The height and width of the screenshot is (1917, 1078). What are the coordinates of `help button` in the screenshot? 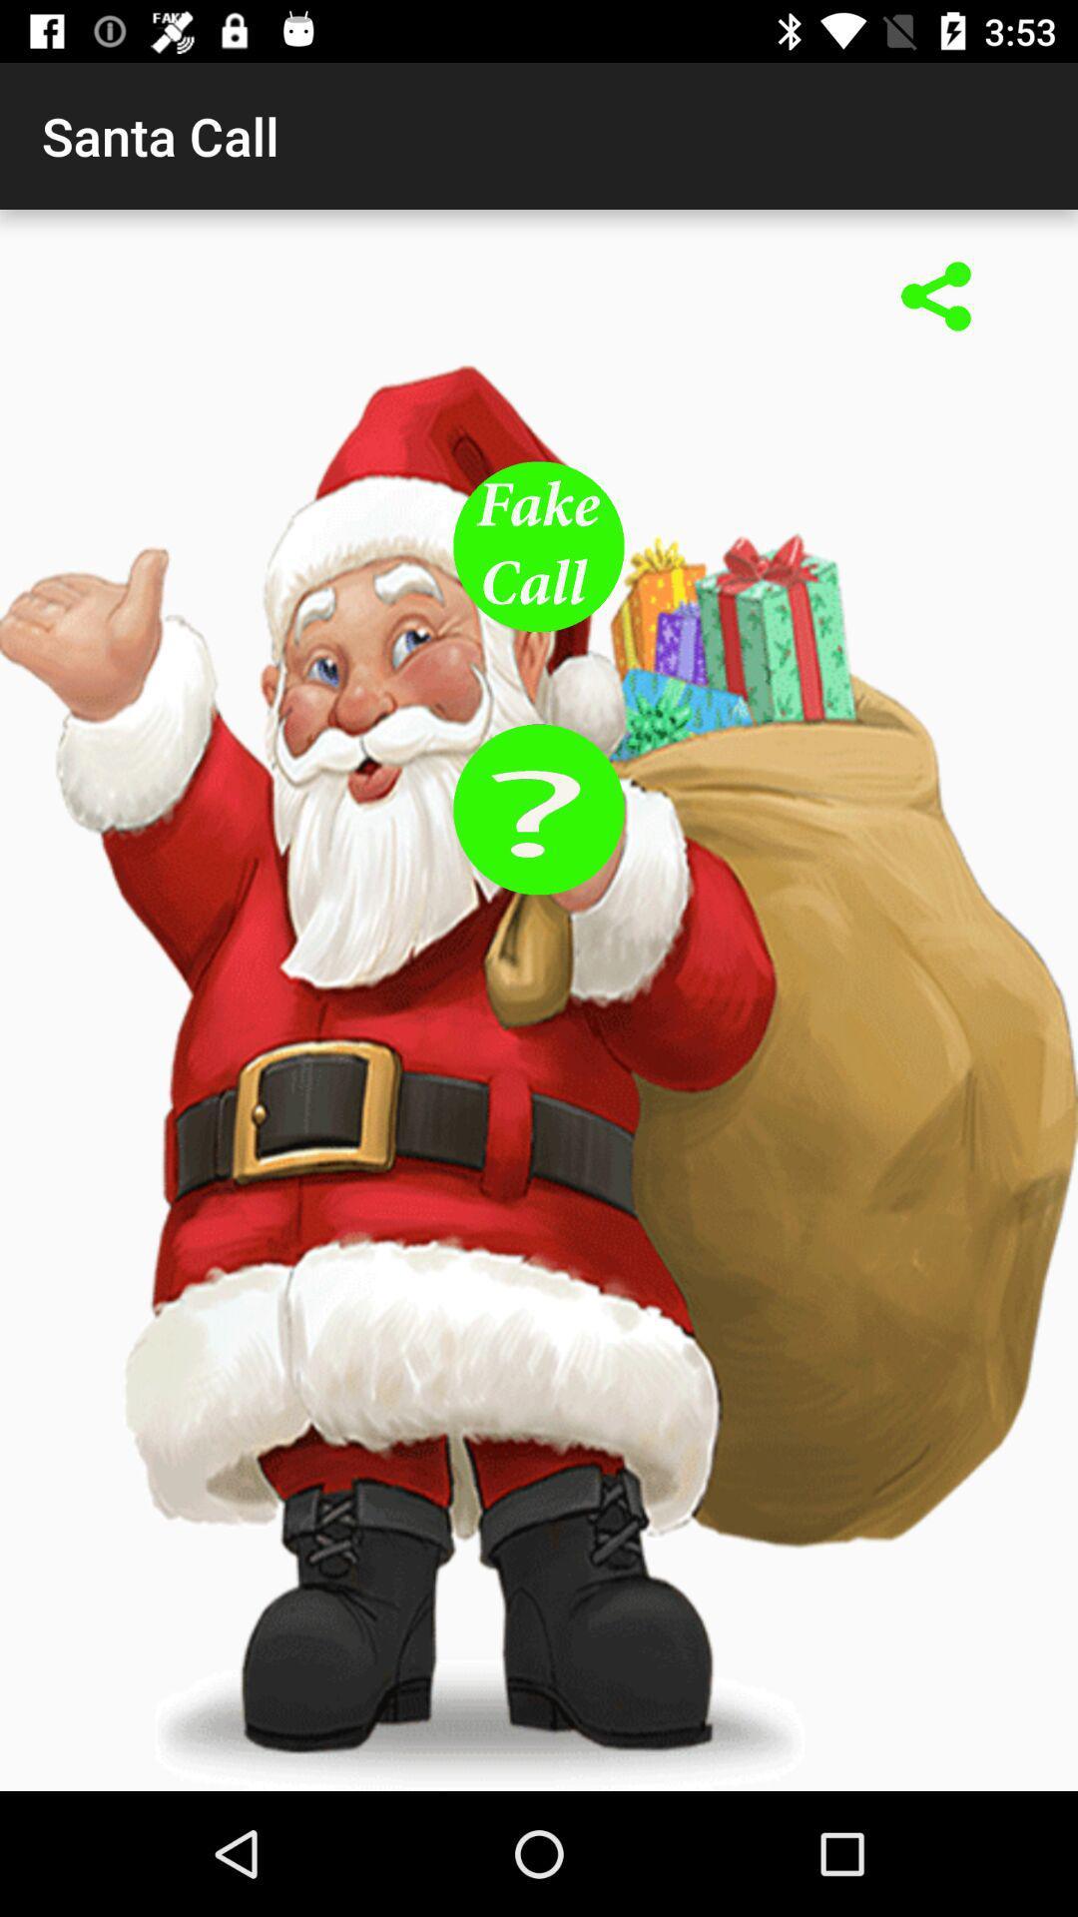 It's located at (539, 809).